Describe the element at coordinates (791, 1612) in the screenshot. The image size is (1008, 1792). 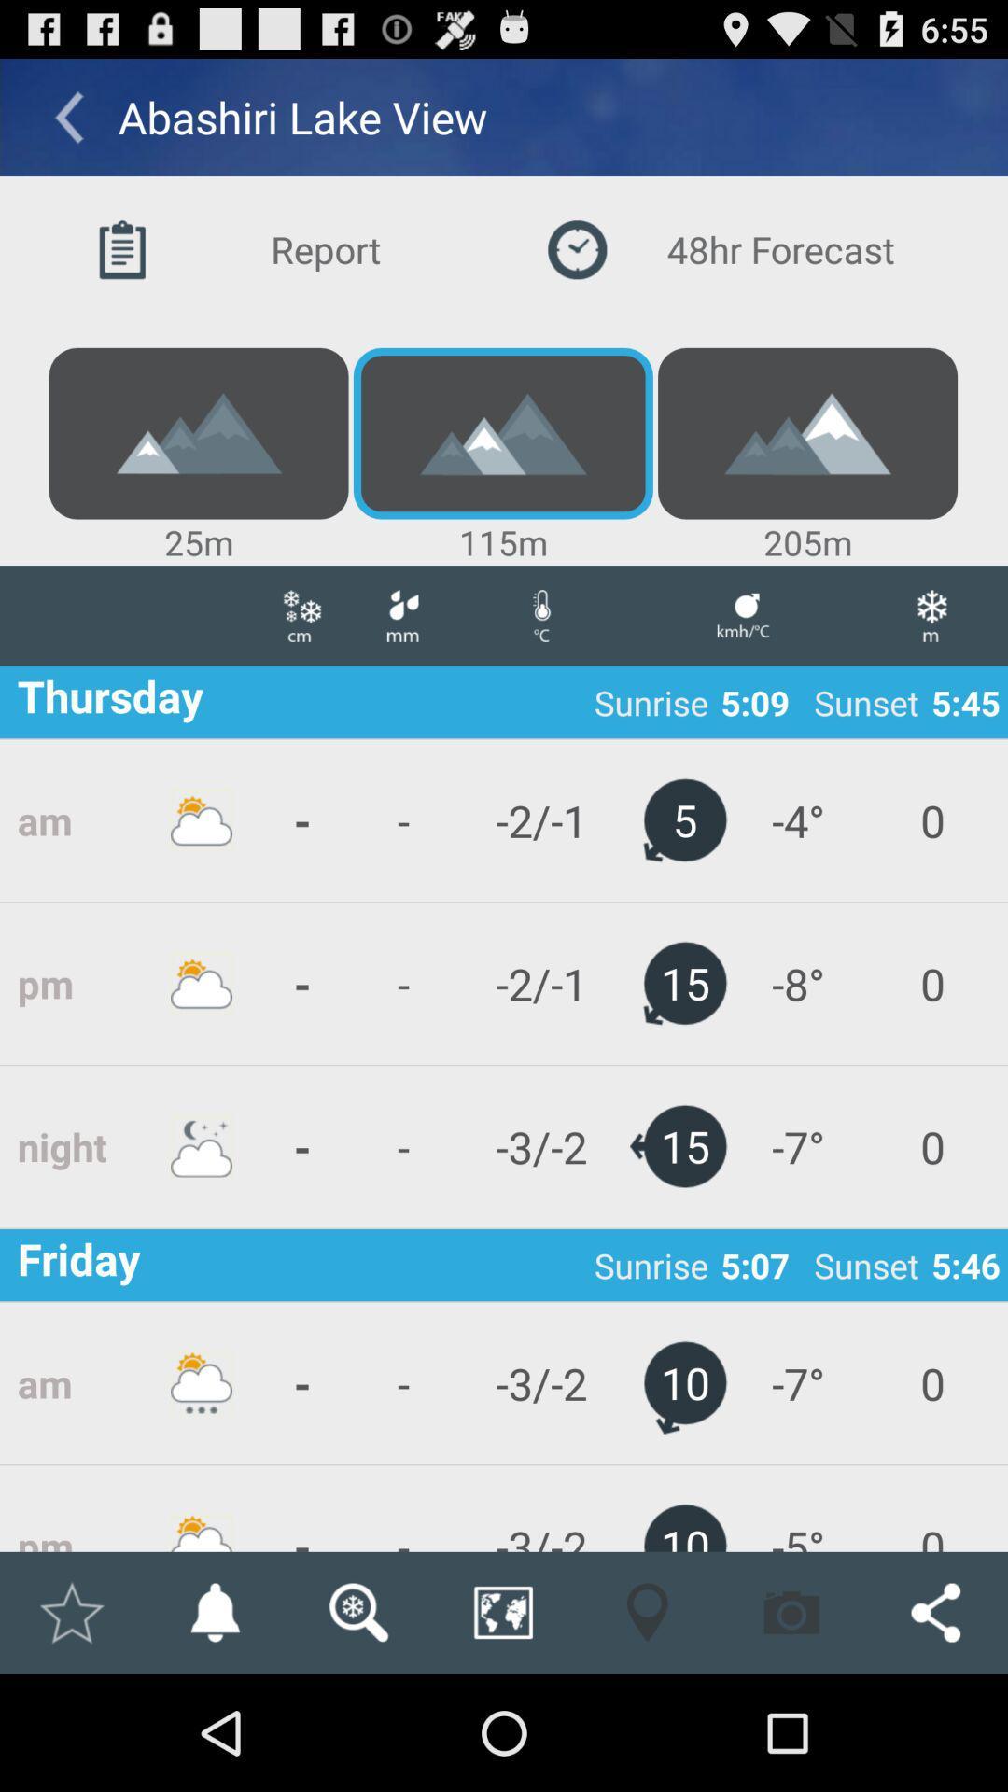
I see `item below 10 app` at that location.